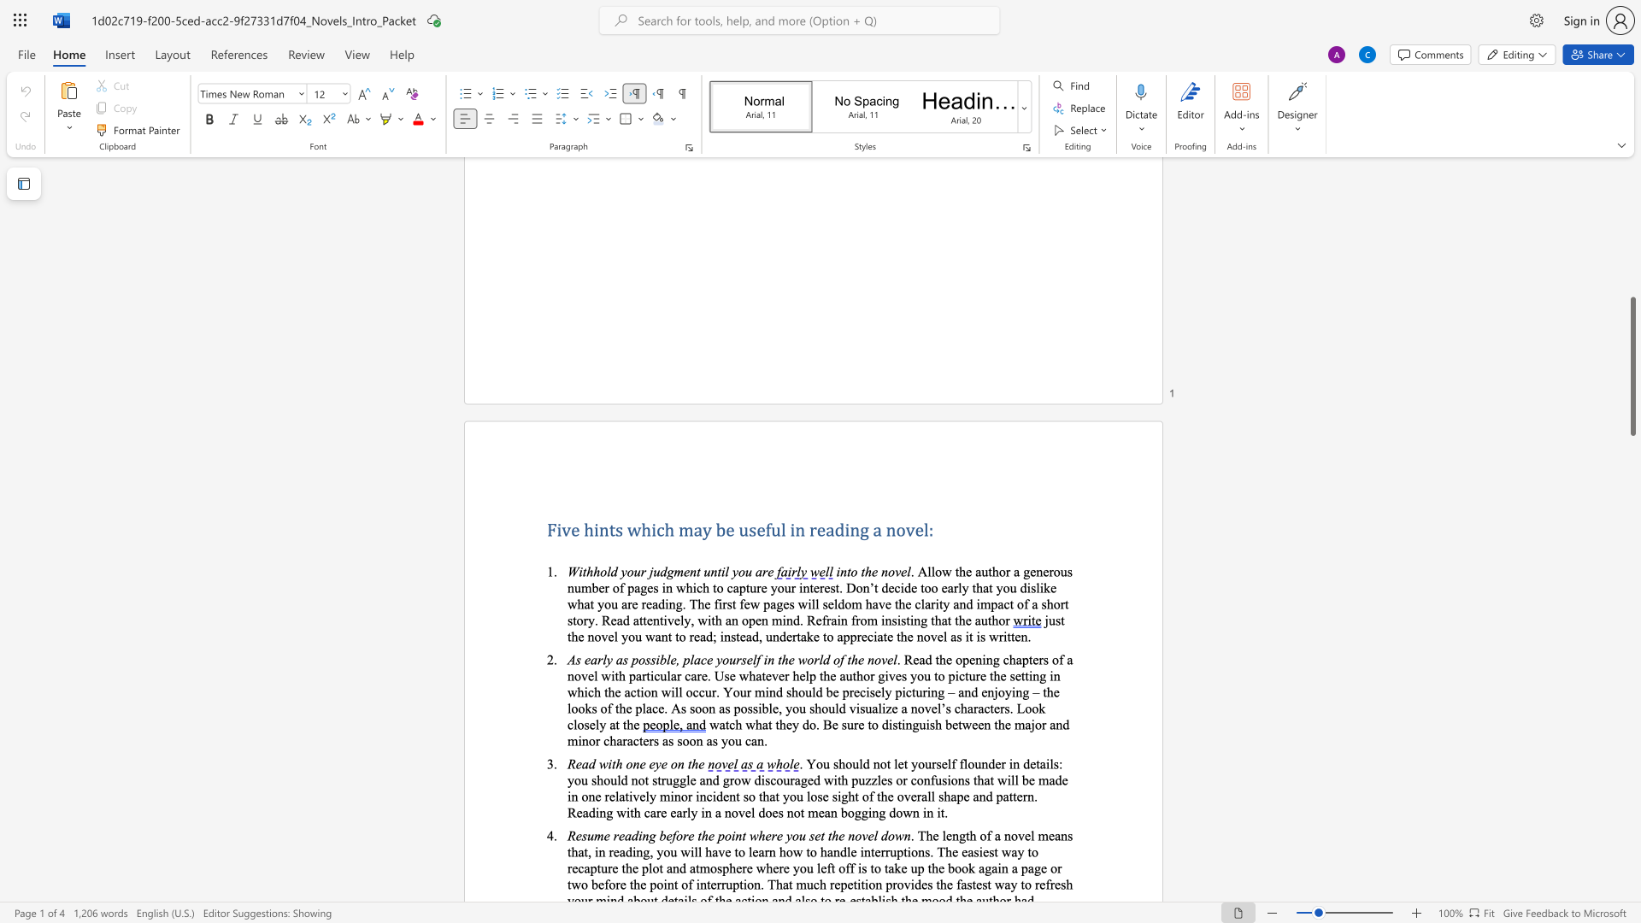 The width and height of the screenshot is (1641, 923). I want to click on the space between the continuous character "o" and "v" in the text, so click(904, 528).